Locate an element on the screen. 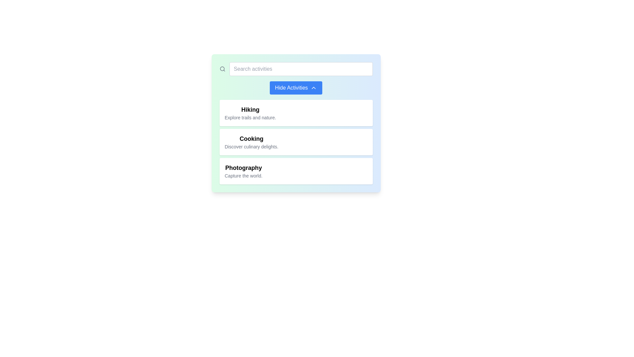 This screenshot has height=357, width=634. text label that says 'Discover culinary delights.' which is a smaller, lighter gray font situated below the bold title 'Cooking' is located at coordinates (251, 146).